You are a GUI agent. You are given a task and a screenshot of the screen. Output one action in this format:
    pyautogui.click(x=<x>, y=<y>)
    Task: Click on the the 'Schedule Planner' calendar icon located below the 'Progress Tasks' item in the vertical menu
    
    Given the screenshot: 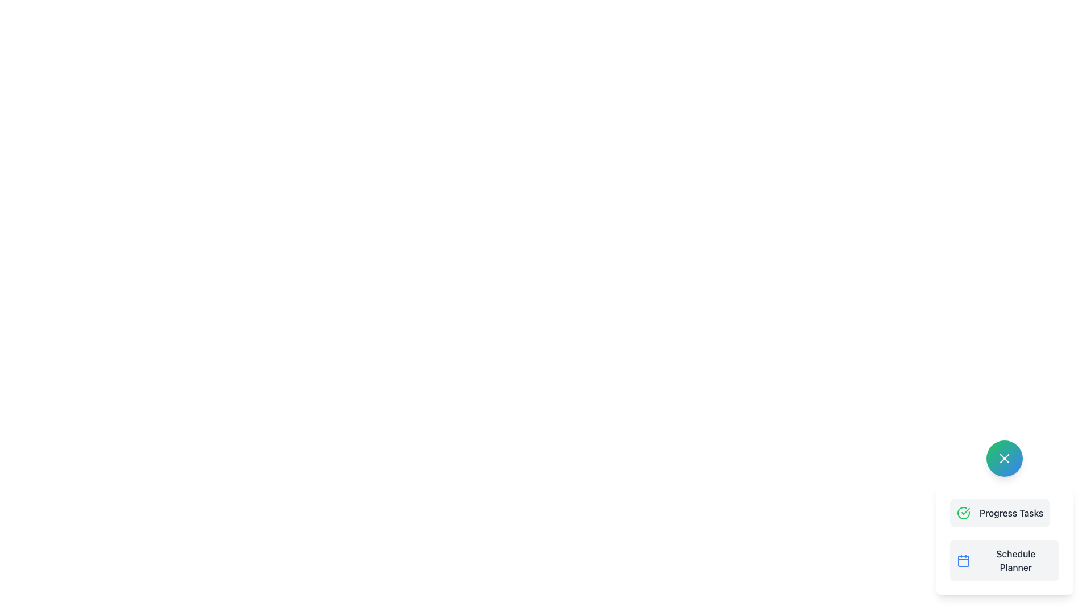 What is the action you would take?
    pyautogui.click(x=963, y=560)
    